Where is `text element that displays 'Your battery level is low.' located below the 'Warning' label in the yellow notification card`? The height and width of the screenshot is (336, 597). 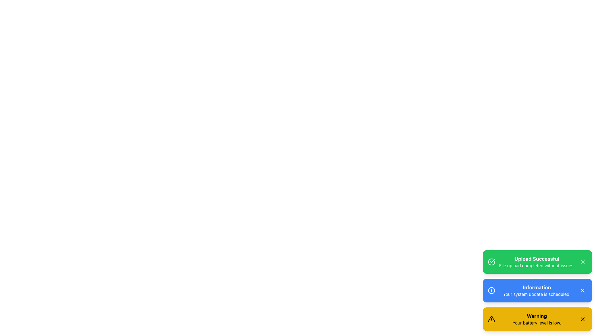 text element that displays 'Your battery level is low.' located below the 'Warning' label in the yellow notification card is located at coordinates (536, 322).